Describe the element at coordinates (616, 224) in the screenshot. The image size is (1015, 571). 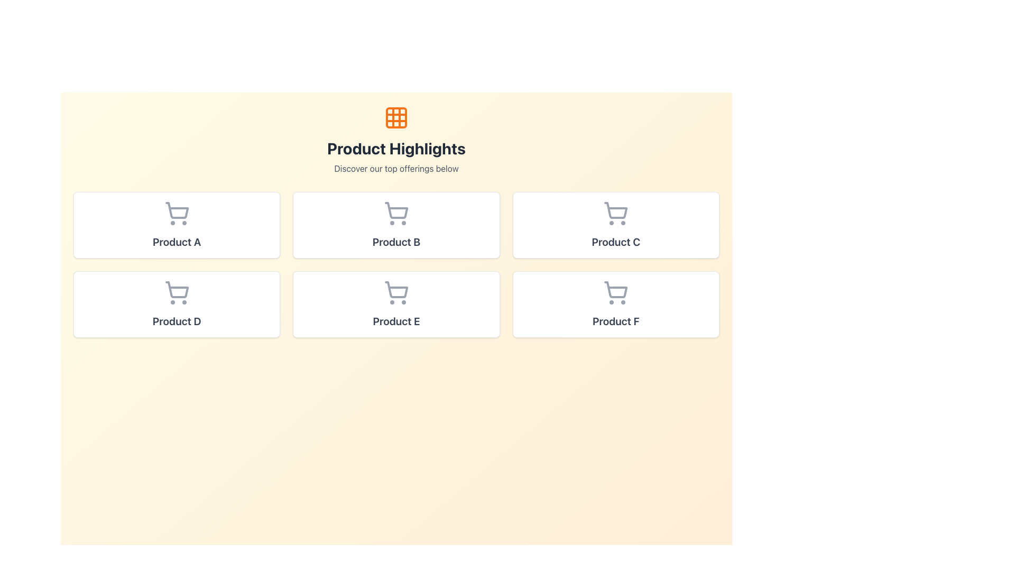
I see `the interactive card labeled 'Product C', which features a shopping cart icon at the top and is styled with rounded corners and a shadow effect` at that location.